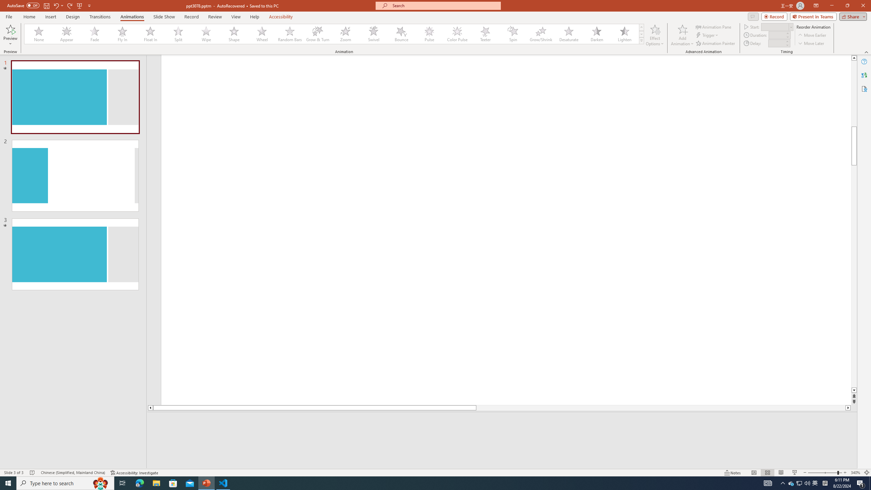  I want to click on 'Random Bars', so click(290, 34).